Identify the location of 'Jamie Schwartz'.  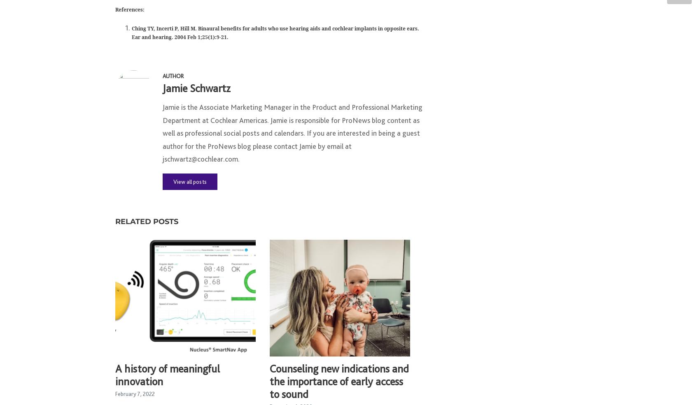
(162, 92).